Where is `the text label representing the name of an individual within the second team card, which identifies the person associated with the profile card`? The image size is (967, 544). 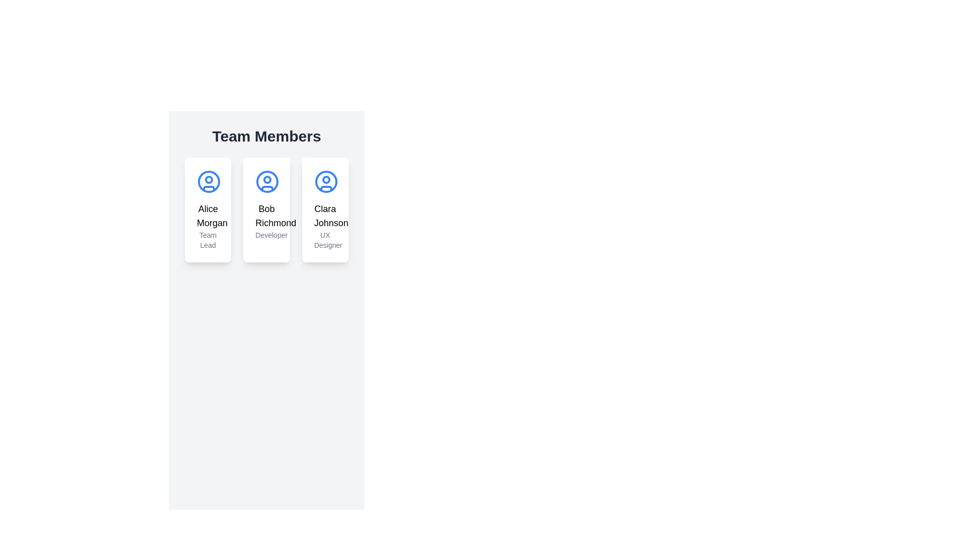
the text label representing the name of an individual within the second team card, which identifies the person associated with the profile card is located at coordinates (266, 215).